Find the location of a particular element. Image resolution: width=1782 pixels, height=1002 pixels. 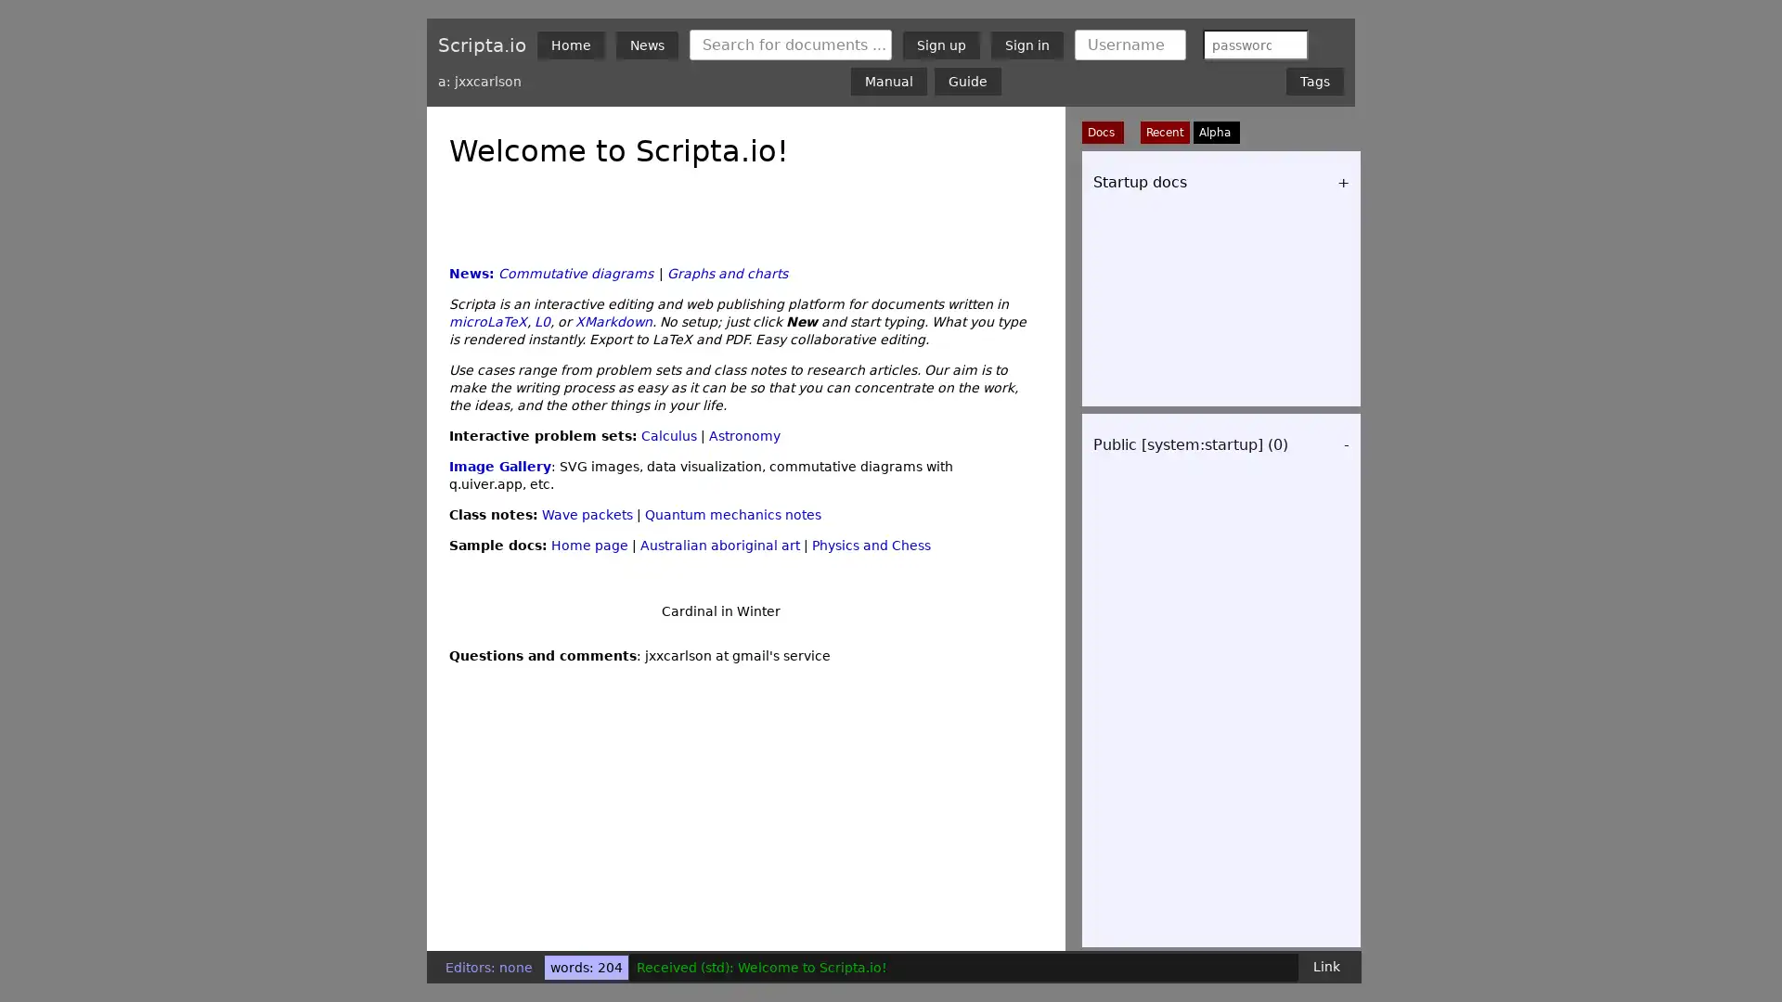

Public [system:startup] (0) is located at coordinates (1190, 444).